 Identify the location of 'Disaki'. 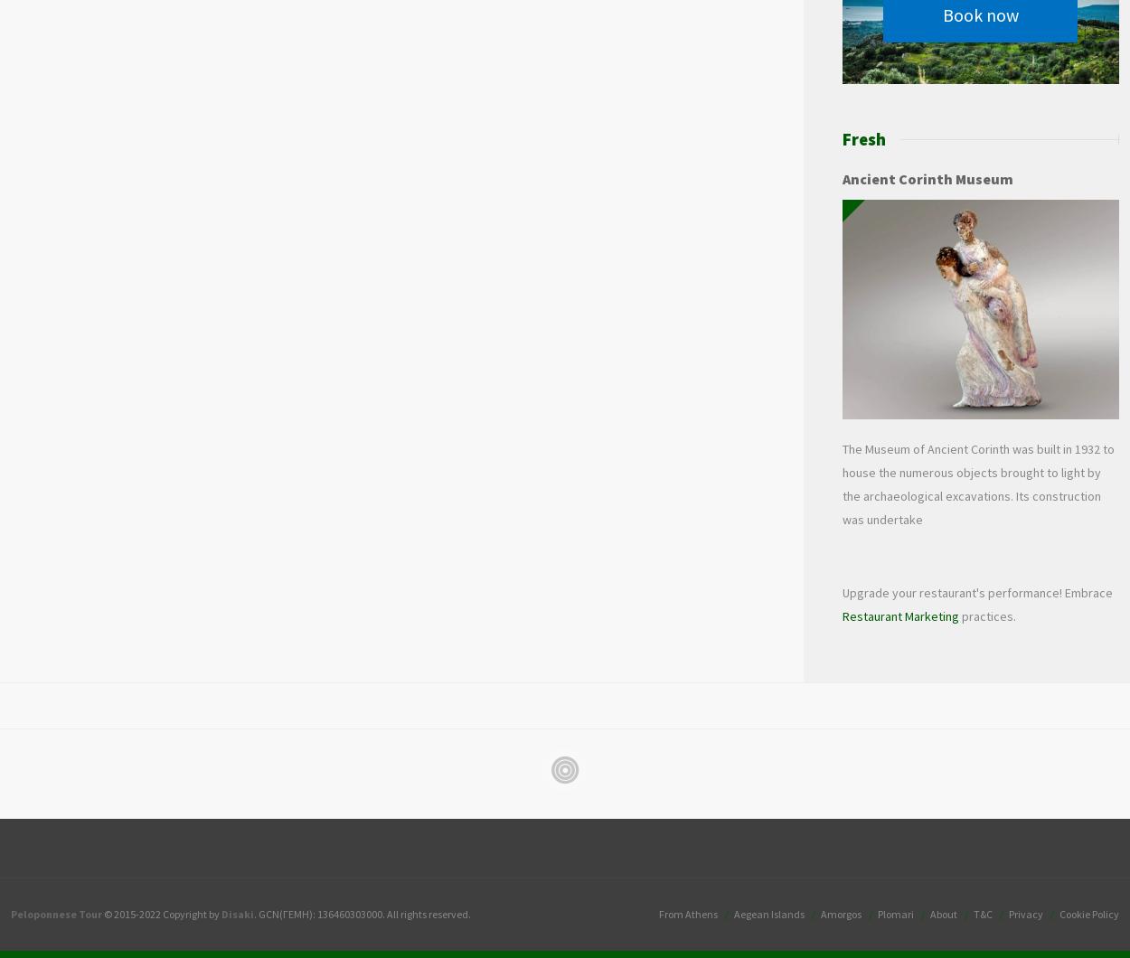
(221, 913).